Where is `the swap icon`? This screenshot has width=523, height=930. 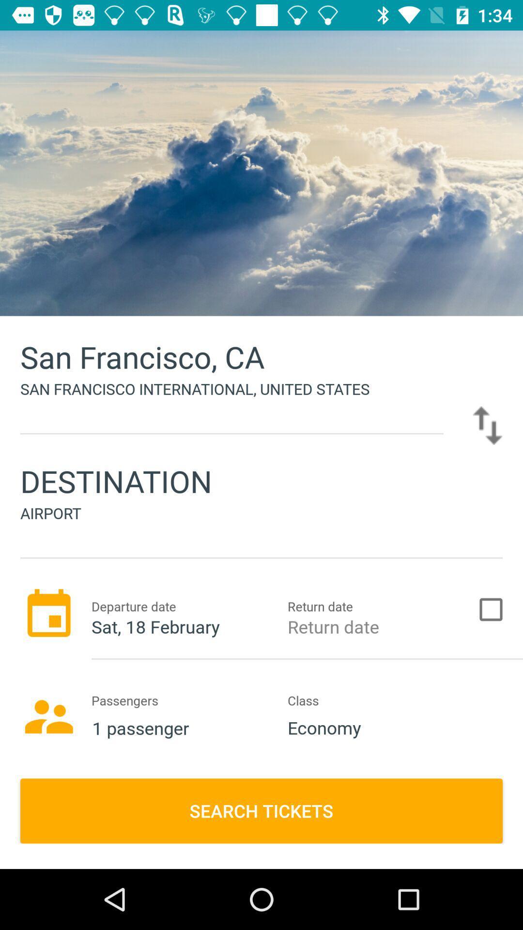 the swap icon is located at coordinates (487, 425).